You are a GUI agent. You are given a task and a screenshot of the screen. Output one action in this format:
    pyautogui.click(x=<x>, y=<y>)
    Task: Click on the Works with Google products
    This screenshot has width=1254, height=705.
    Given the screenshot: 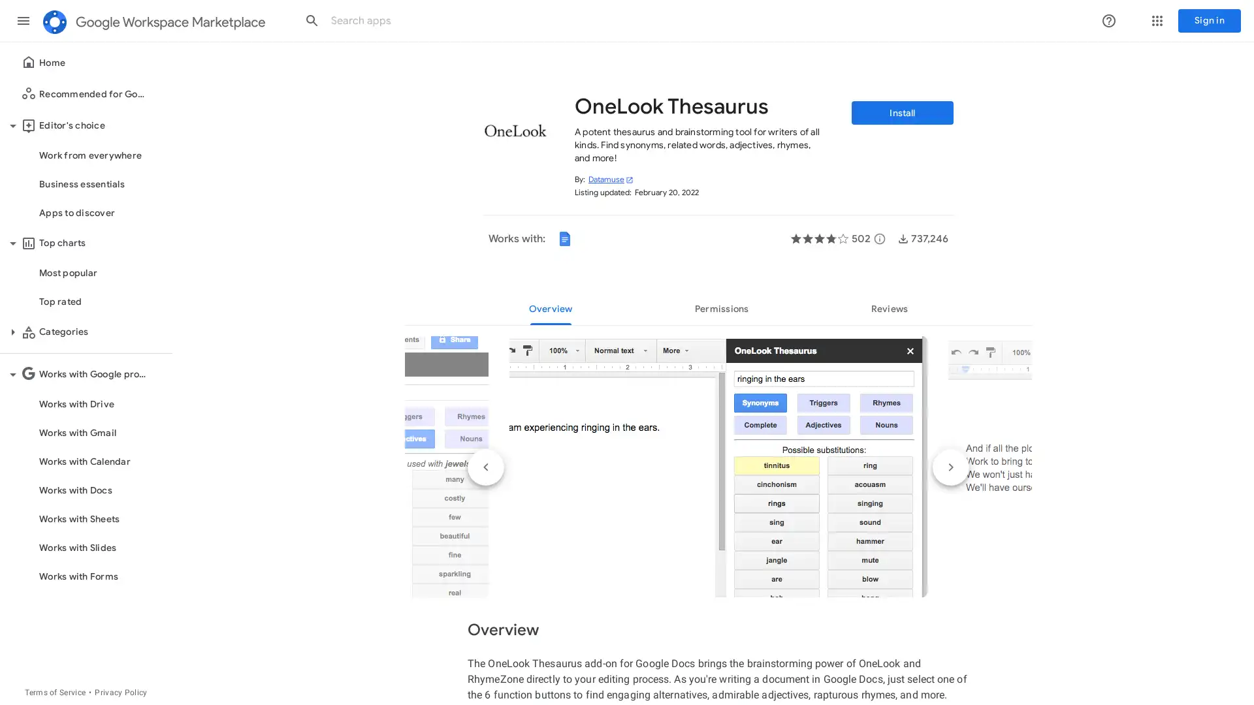 What is the action you would take?
    pyautogui.click(x=12, y=375)
    